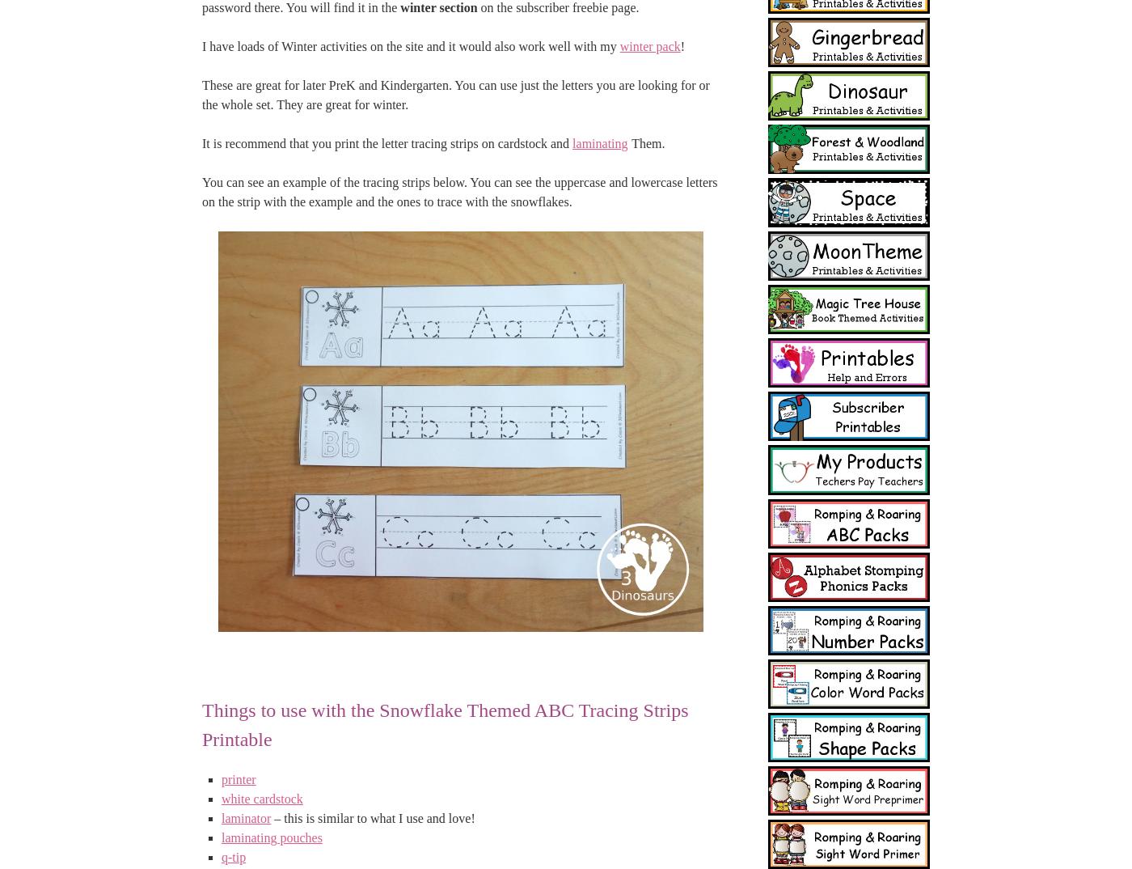 The width and height of the screenshot is (1132, 869). I want to click on 'You can see an example of the tracing strips below. You can see the uppercase and lowercase letters on the strip with the example and the ones to trace with the snowflakes.', so click(459, 191).